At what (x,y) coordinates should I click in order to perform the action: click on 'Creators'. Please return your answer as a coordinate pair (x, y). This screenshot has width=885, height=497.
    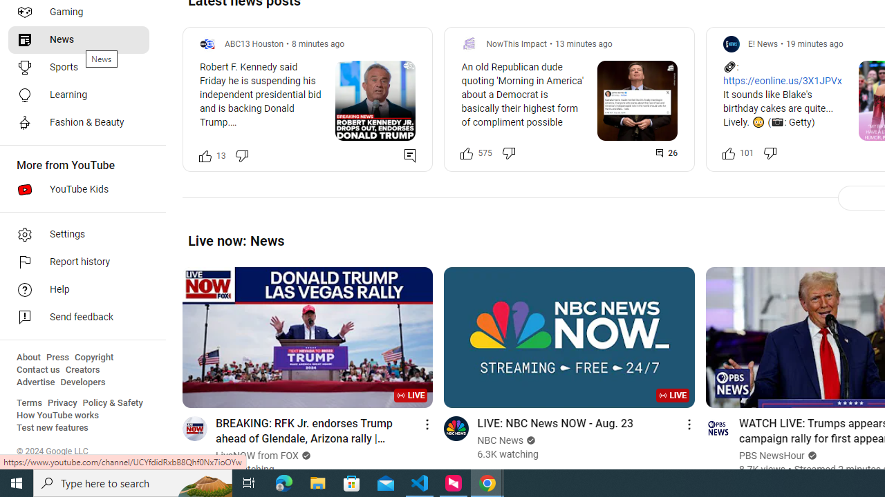
    Looking at the image, I should click on (82, 369).